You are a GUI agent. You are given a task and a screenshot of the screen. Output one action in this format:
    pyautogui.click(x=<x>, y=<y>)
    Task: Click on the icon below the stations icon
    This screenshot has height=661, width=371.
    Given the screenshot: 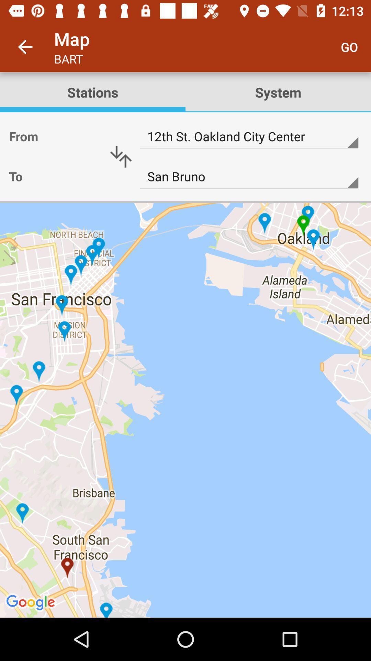 What is the action you would take?
    pyautogui.click(x=121, y=156)
    